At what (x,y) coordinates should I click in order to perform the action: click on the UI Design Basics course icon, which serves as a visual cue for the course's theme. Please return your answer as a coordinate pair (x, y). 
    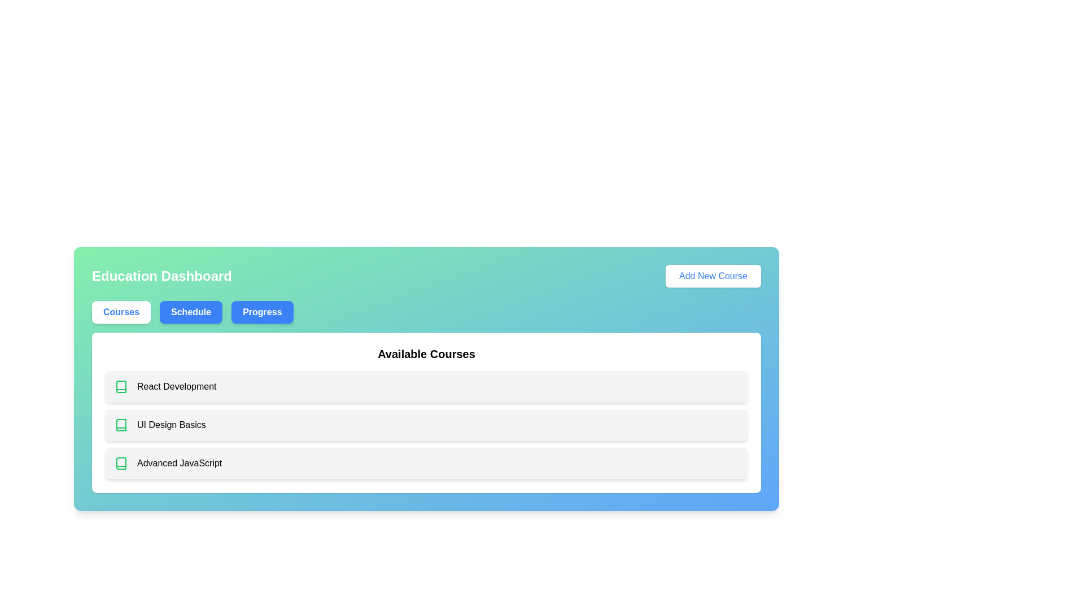
    Looking at the image, I should click on (121, 425).